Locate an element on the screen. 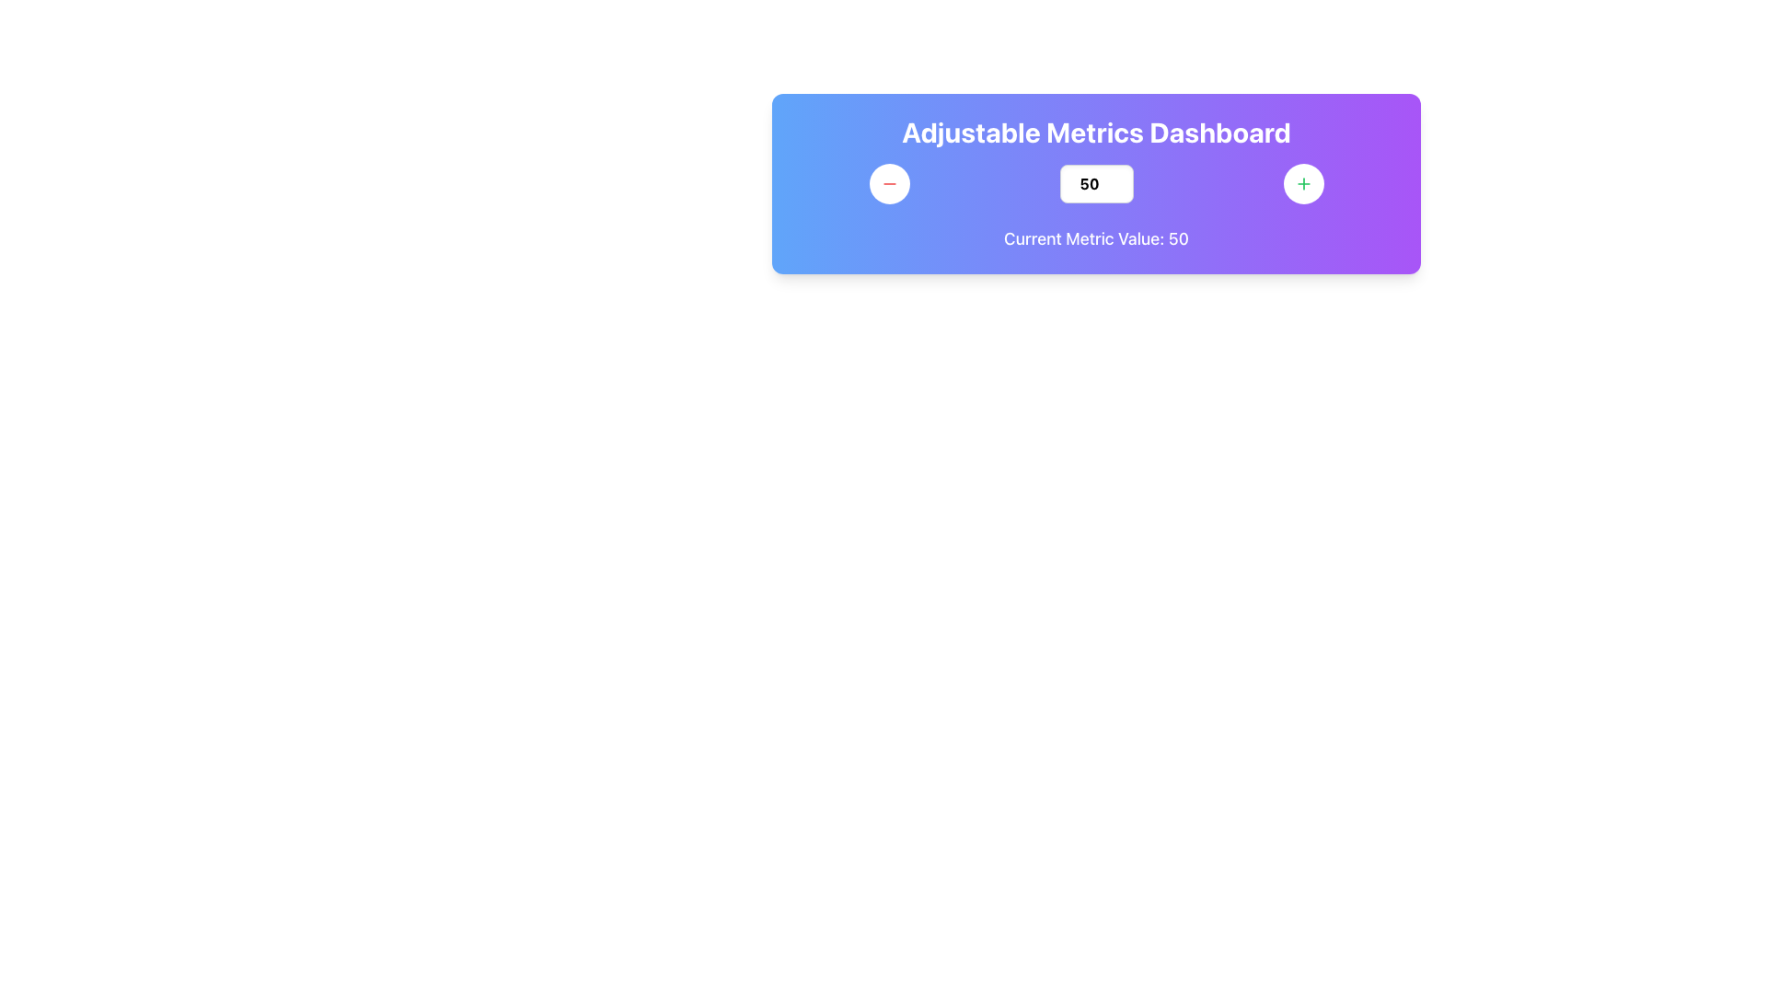  the action button located on the right side of the interface within a white circular button, inside the purple gradient section of the dashboard is located at coordinates (1302, 184).